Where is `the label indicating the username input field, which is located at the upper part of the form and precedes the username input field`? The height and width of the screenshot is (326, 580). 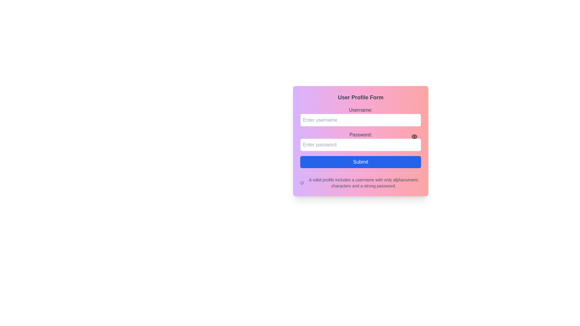 the label indicating the username input field, which is located at the upper part of the form and precedes the username input field is located at coordinates (361, 110).